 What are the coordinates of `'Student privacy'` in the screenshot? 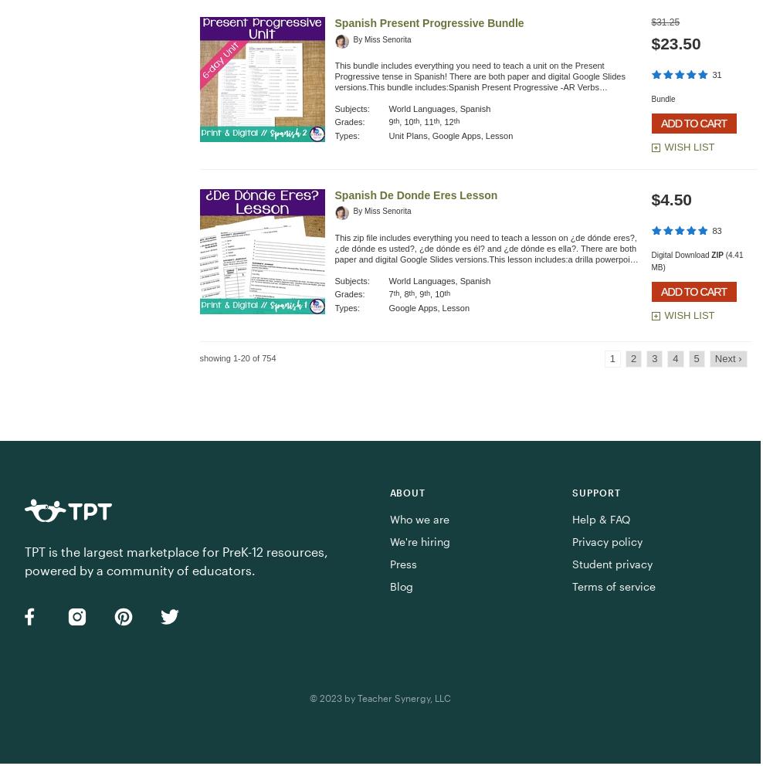 It's located at (571, 563).